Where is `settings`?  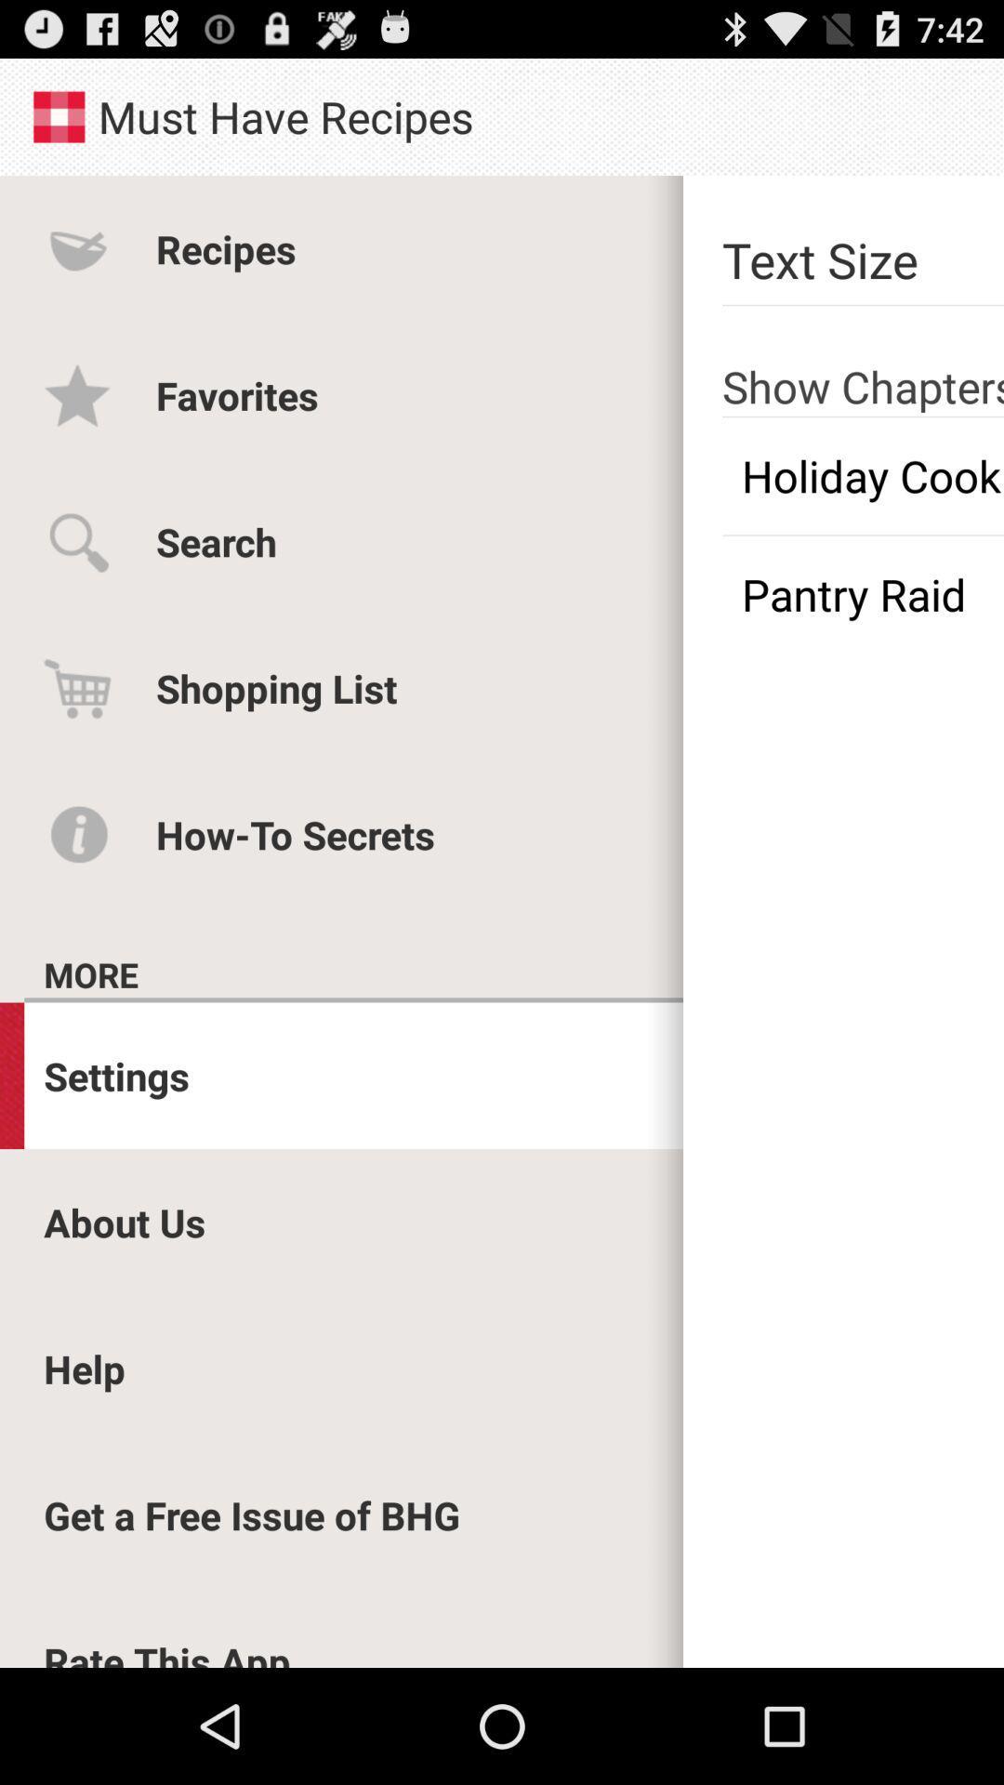 settings is located at coordinates (116, 1076).